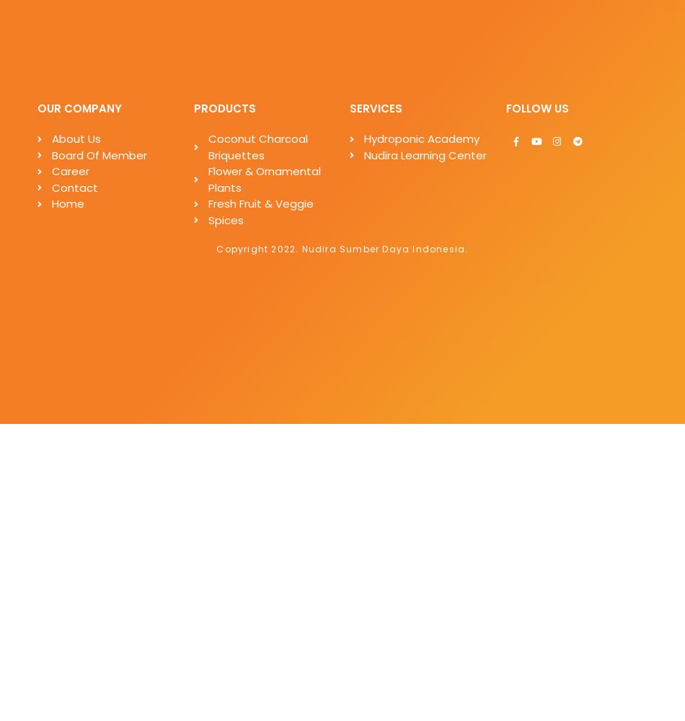 The image size is (685, 721). What do you see at coordinates (536, 107) in the screenshot?
I see `'FOLLOW US'` at bounding box center [536, 107].